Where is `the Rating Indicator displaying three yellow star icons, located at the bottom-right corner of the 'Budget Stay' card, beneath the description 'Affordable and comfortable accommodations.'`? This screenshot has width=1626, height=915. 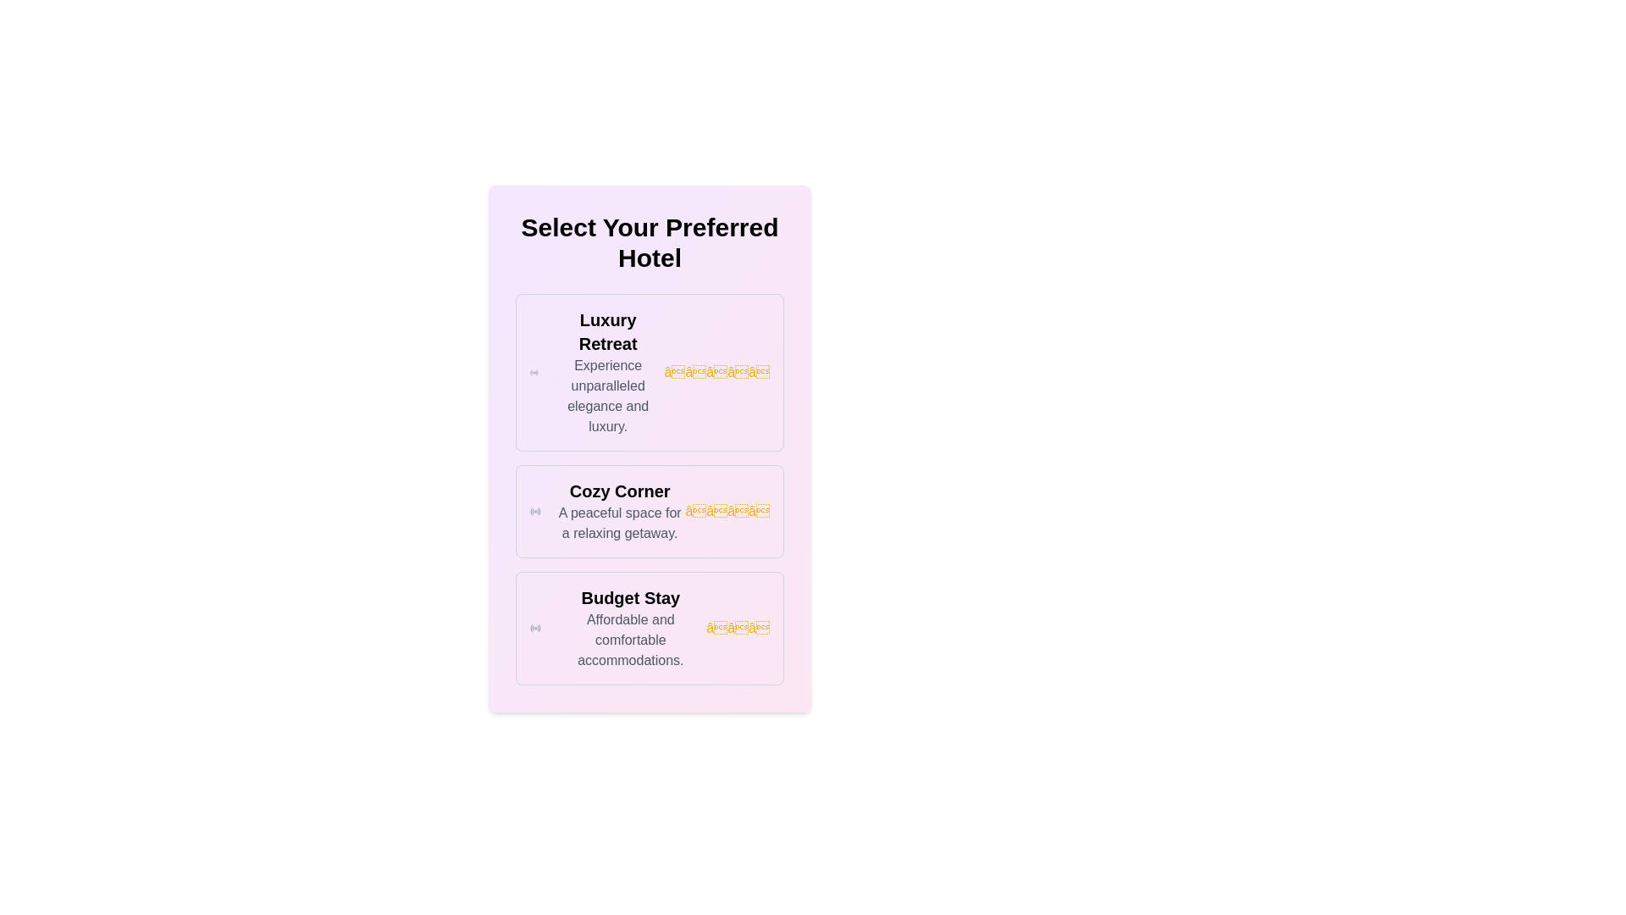 the Rating Indicator displaying three yellow star icons, located at the bottom-right corner of the 'Budget Stay' card, beneath the description 'Affordable and comfortable accommodations.' is located at coordinates (738, 628).